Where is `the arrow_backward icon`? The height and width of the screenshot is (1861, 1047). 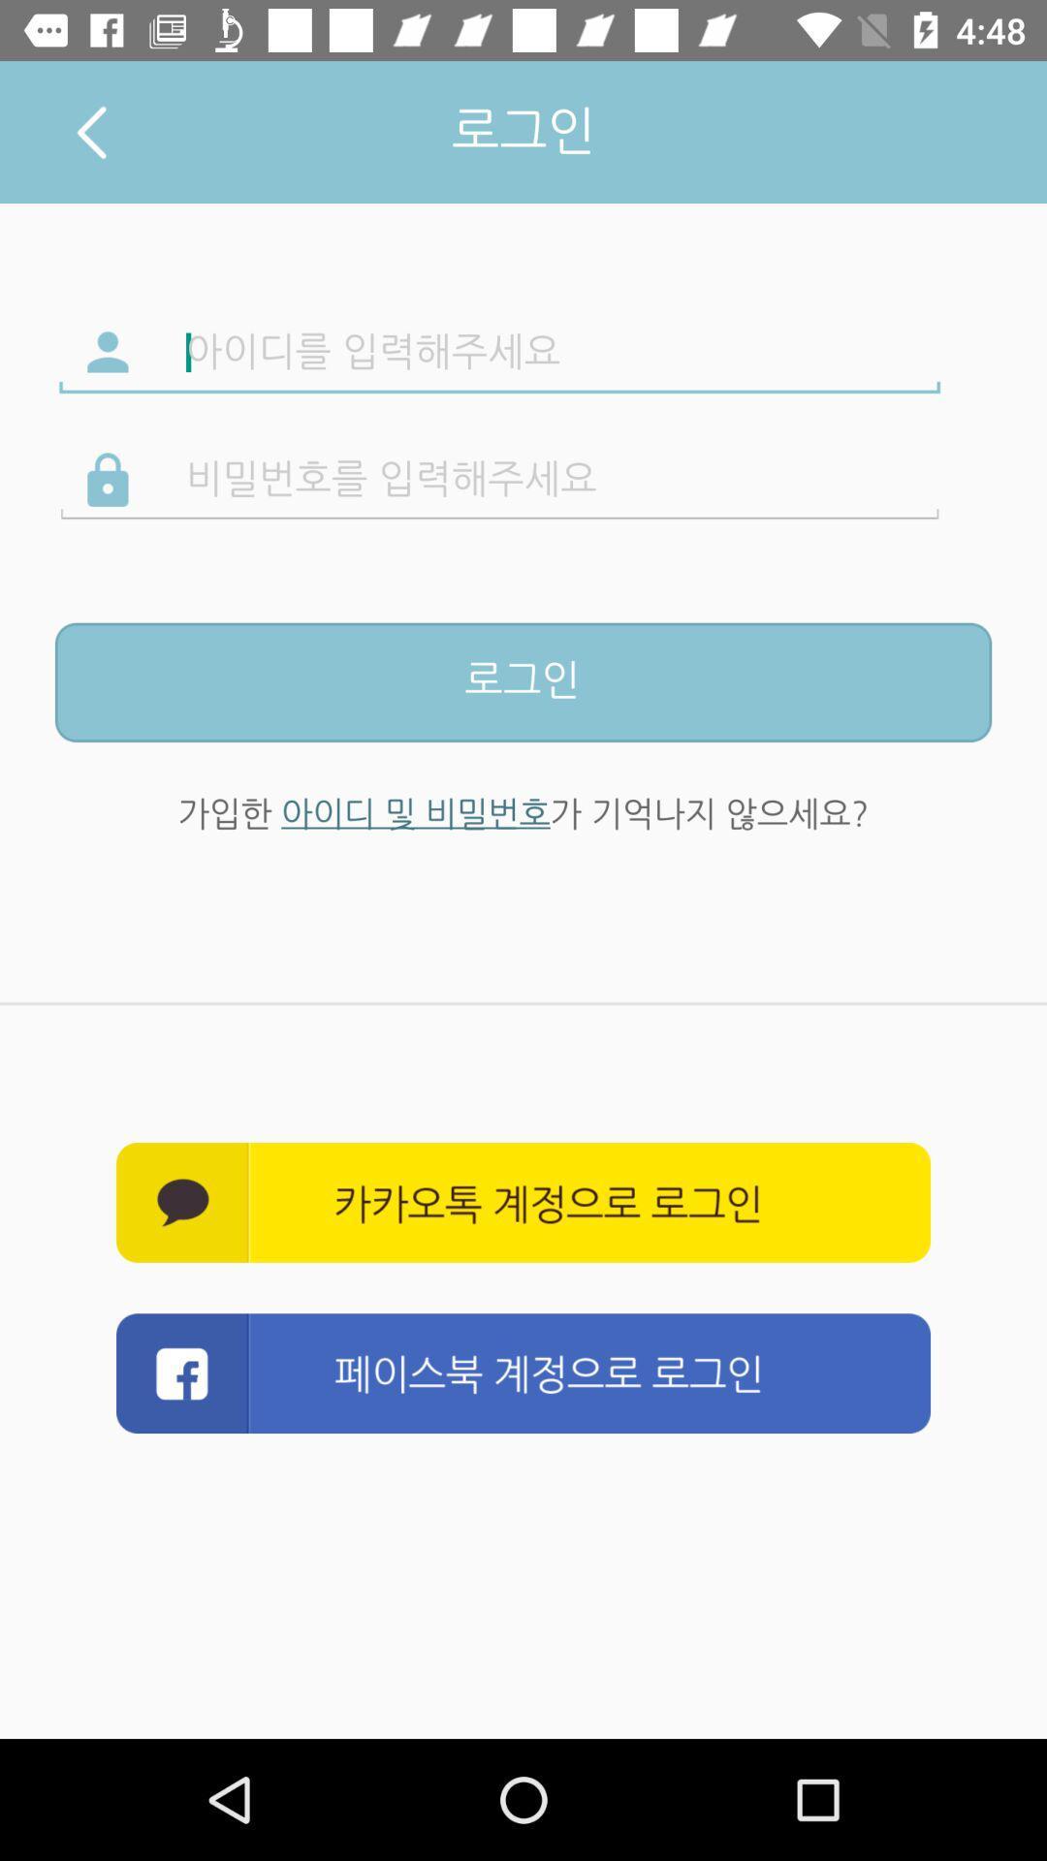
the arrow_backward icon is located at coordinates (91, 131).